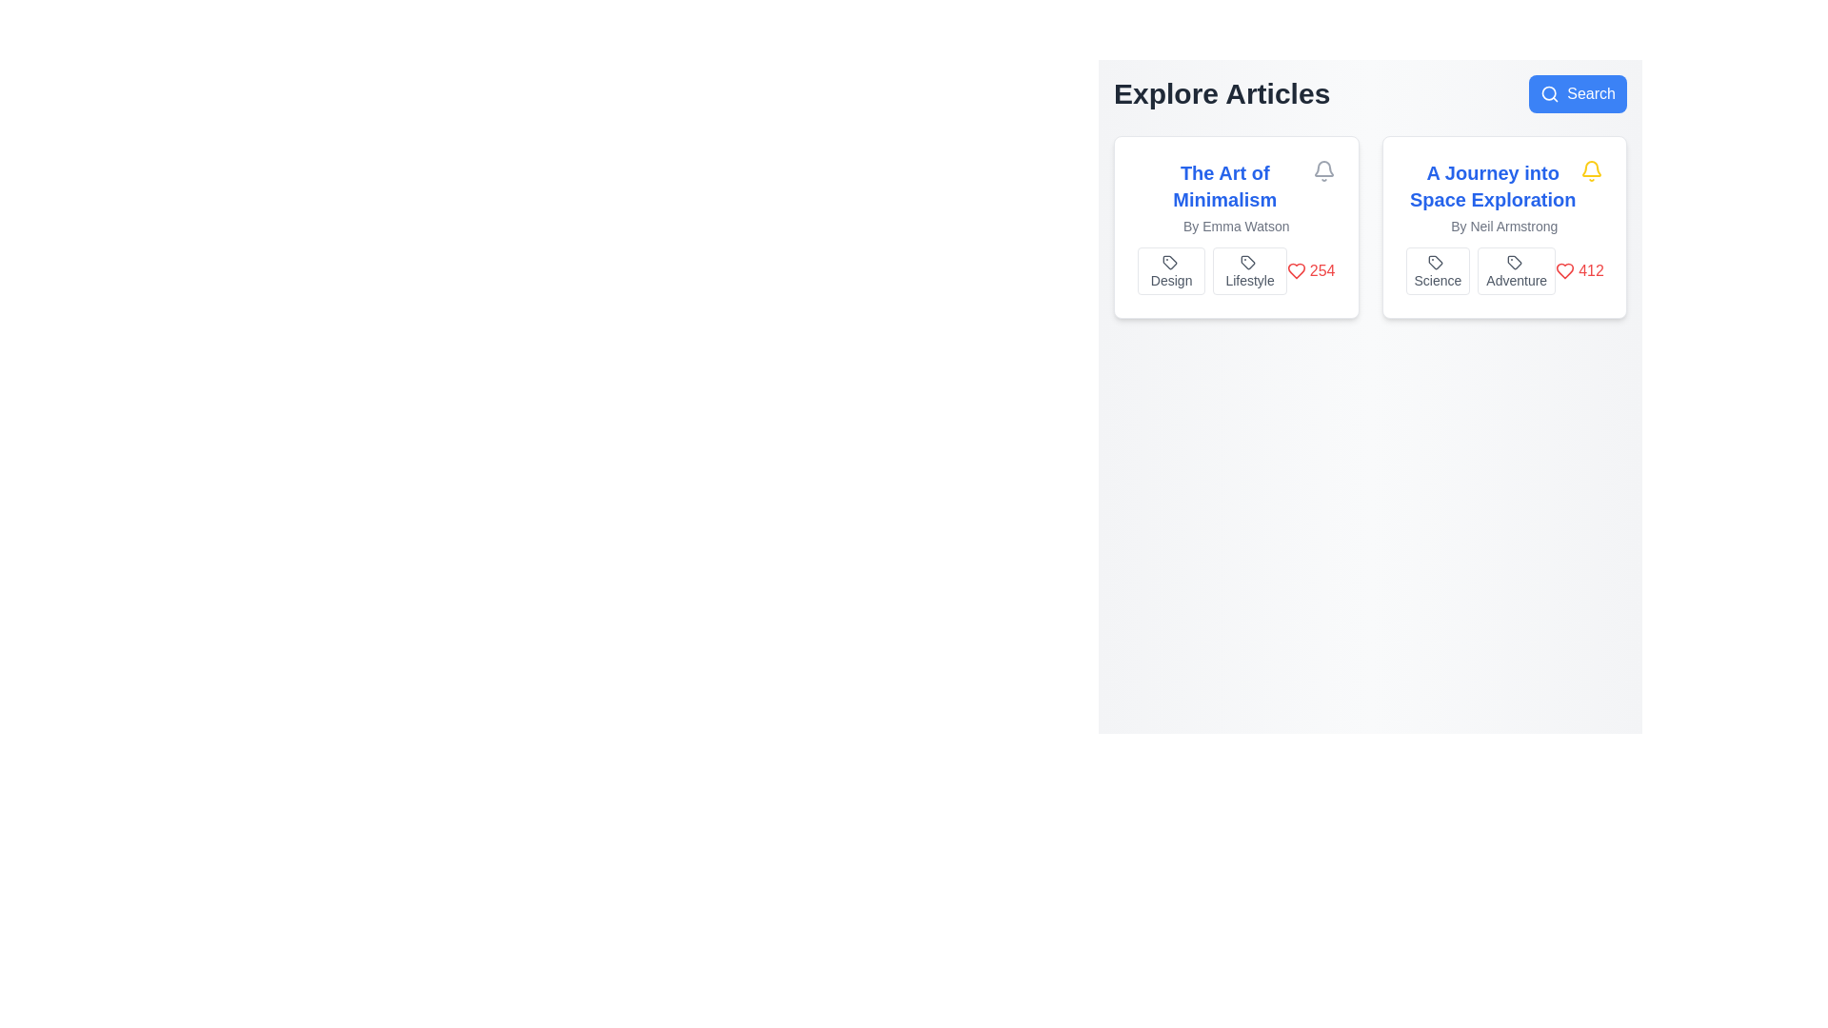  What do you see at coordinates (1580, 271) in the screenshot?
I see `the 'likes' counter element located within the 'A Journey into Space Exploration' card, positioned beneath the 'Adventure' tag in the bottom-right corner` at bounding box center [1580, 271].